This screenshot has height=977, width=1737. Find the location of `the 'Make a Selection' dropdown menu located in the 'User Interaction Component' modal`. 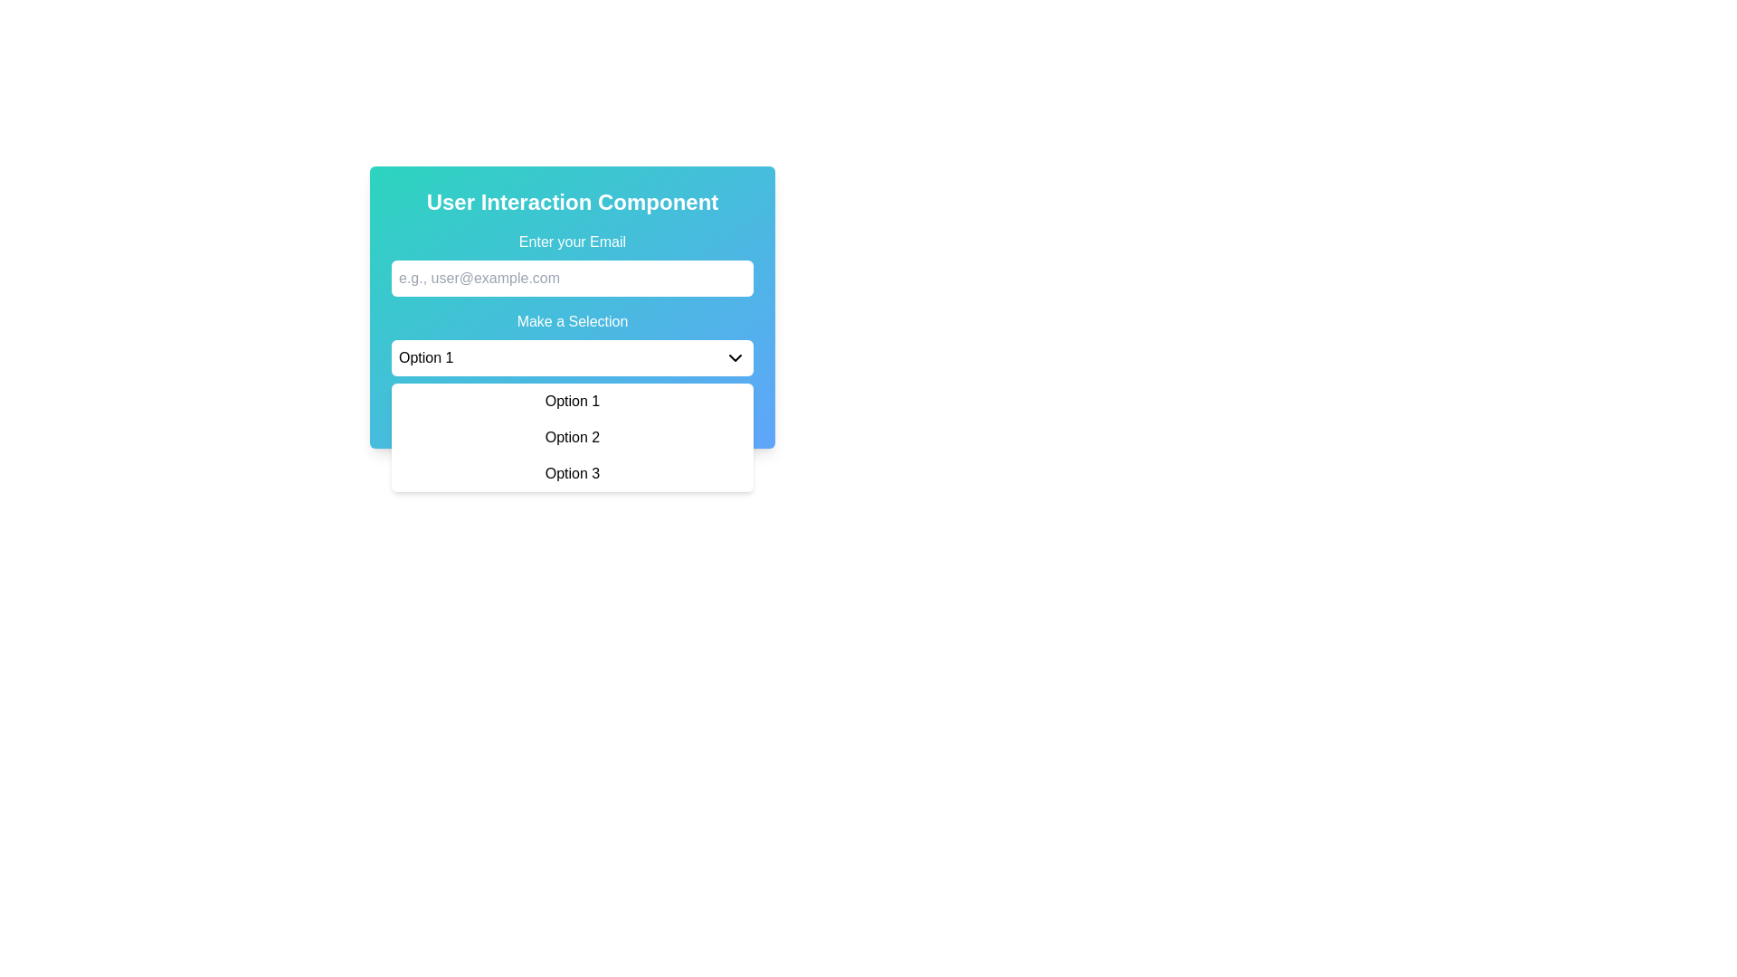

the 'Make a Selection' dropdown menu located in the 'User Interaction Component' modal is located at coordinates (572, 344).